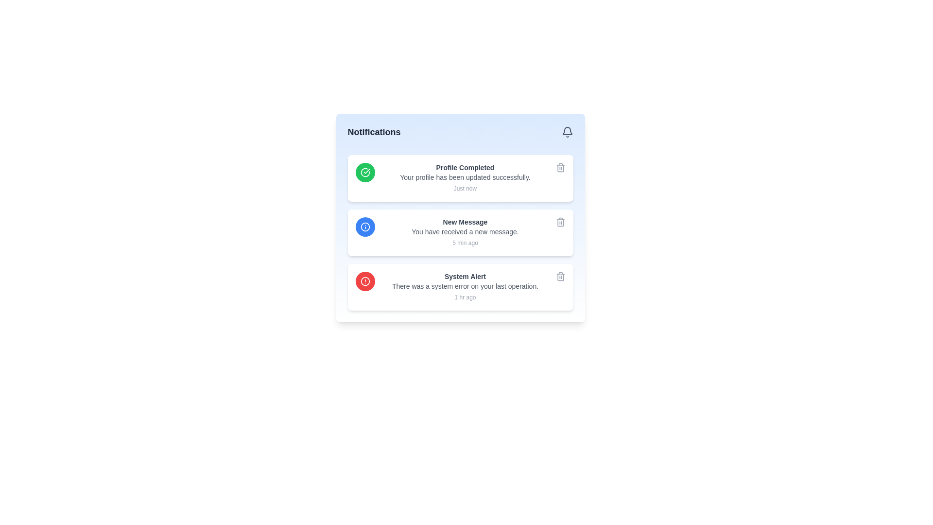 Image resolution: width=933 pixels, height=525 pixels. What do you see at coordinates (465, 177) in the screenshot?
I see `notification message indicating a successful profile update, located in the center of the notification card below 'Profile Completed' and above 'Just now'` at bounding box center [465, 177].